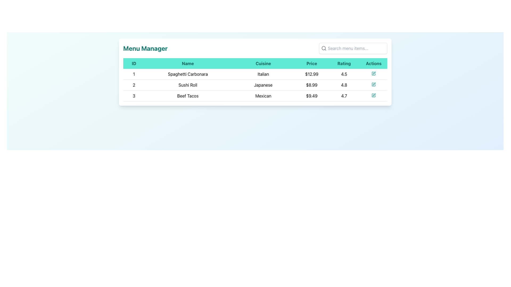  I want to click on the 'ID' column header label, which is the first entry in the header row of the table, located on the far left side and aligns with other column headers, so click(134, 63).